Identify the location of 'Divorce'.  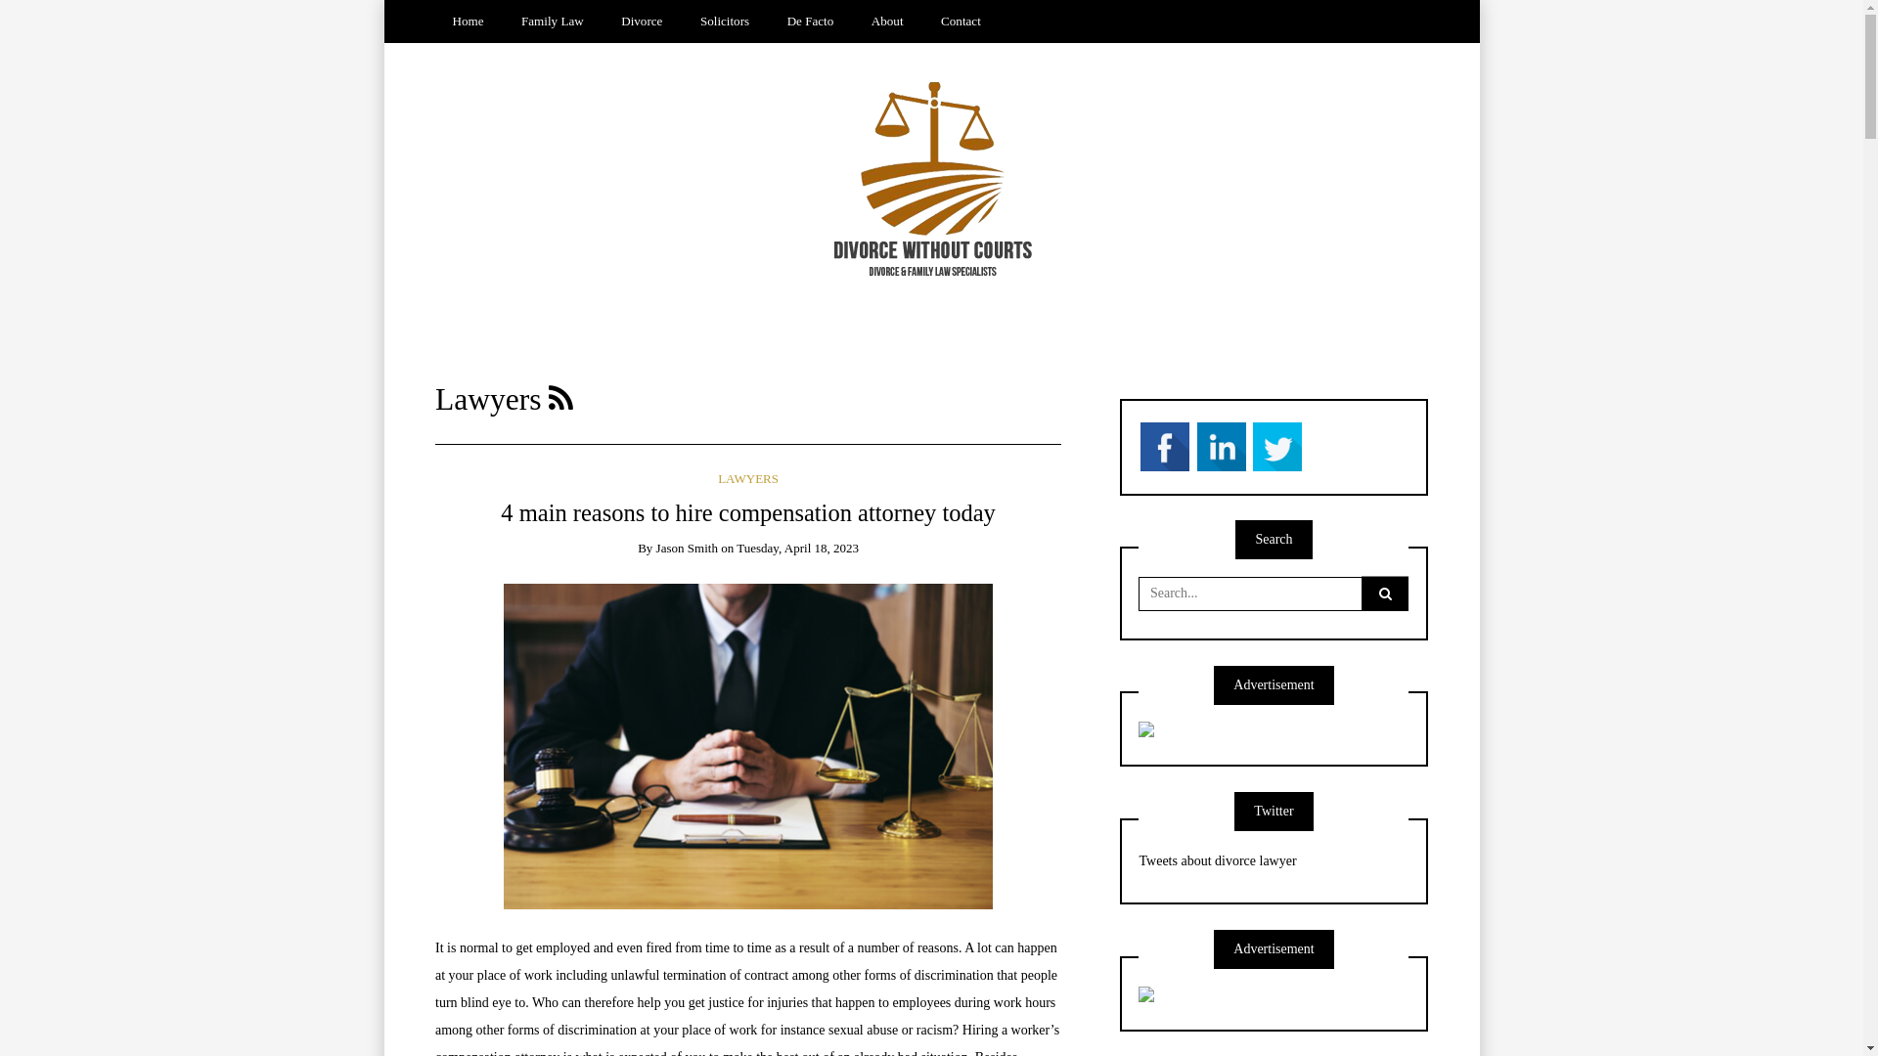
(642, 22).